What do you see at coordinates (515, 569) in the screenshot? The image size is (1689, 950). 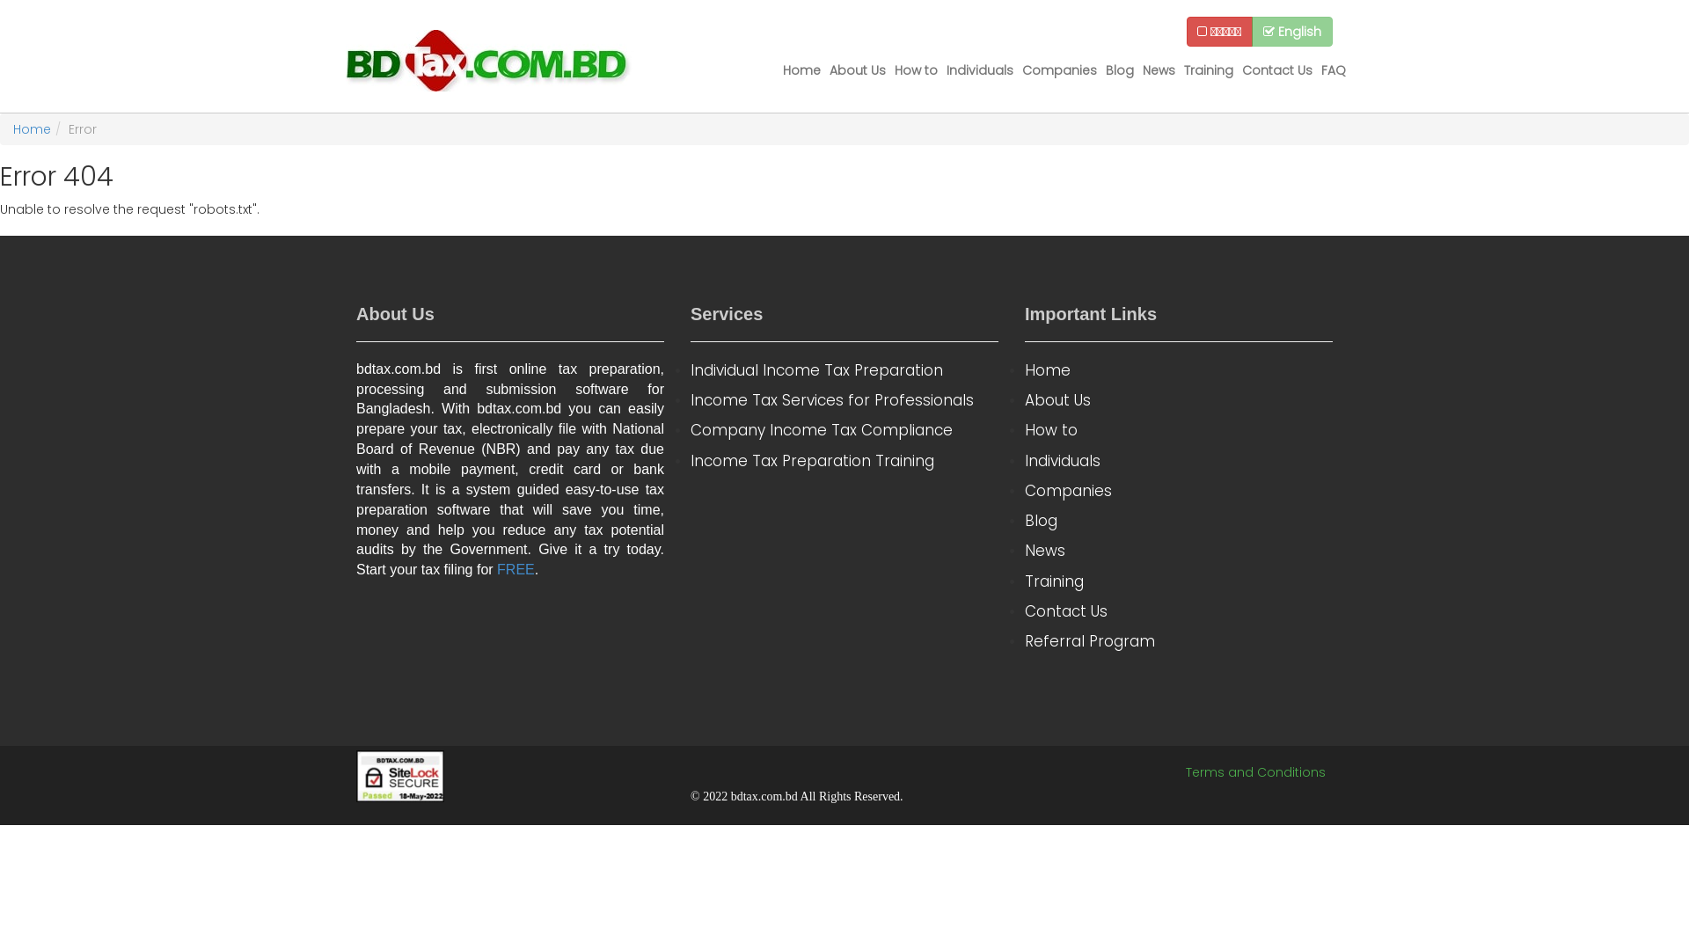 I see `'FREE'` at bounding box center [515, 569].